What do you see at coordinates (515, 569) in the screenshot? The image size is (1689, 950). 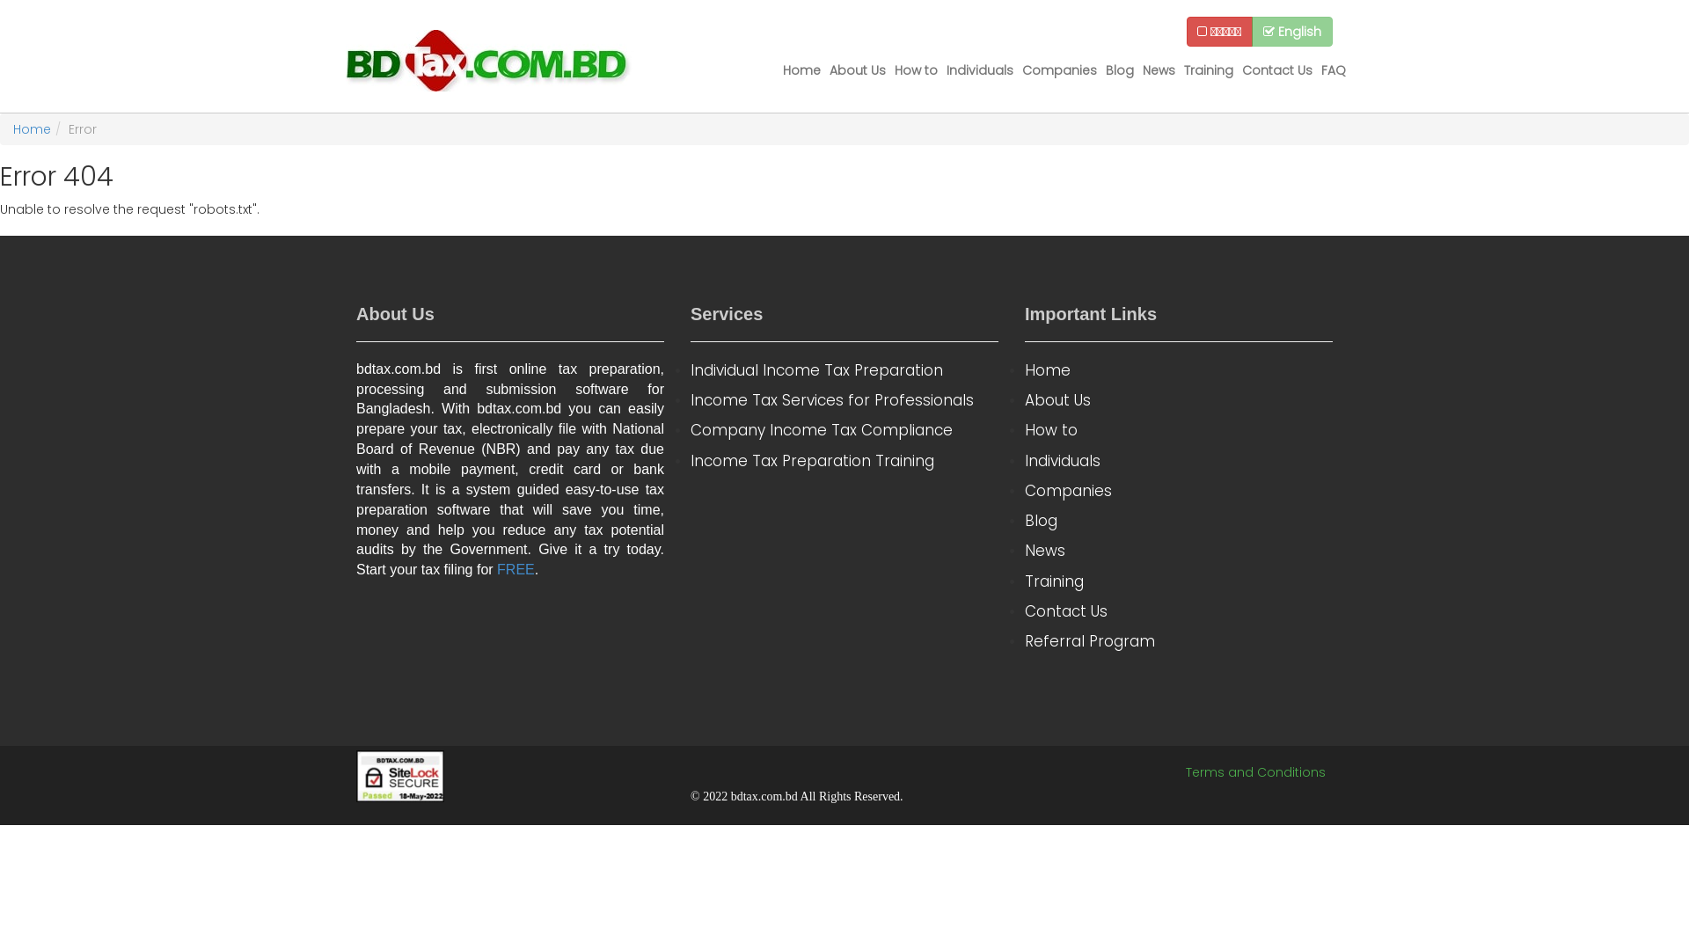 I see `'FREE'` at bounding box center [515, 569].